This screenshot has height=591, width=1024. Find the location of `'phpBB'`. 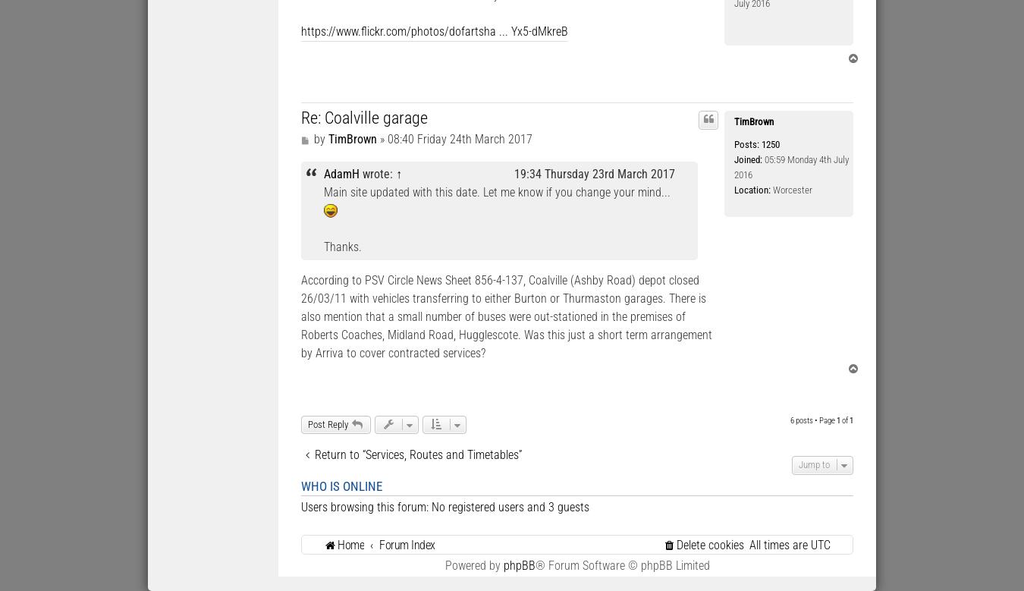

'phpBB' is located at coordinates (518, 564).